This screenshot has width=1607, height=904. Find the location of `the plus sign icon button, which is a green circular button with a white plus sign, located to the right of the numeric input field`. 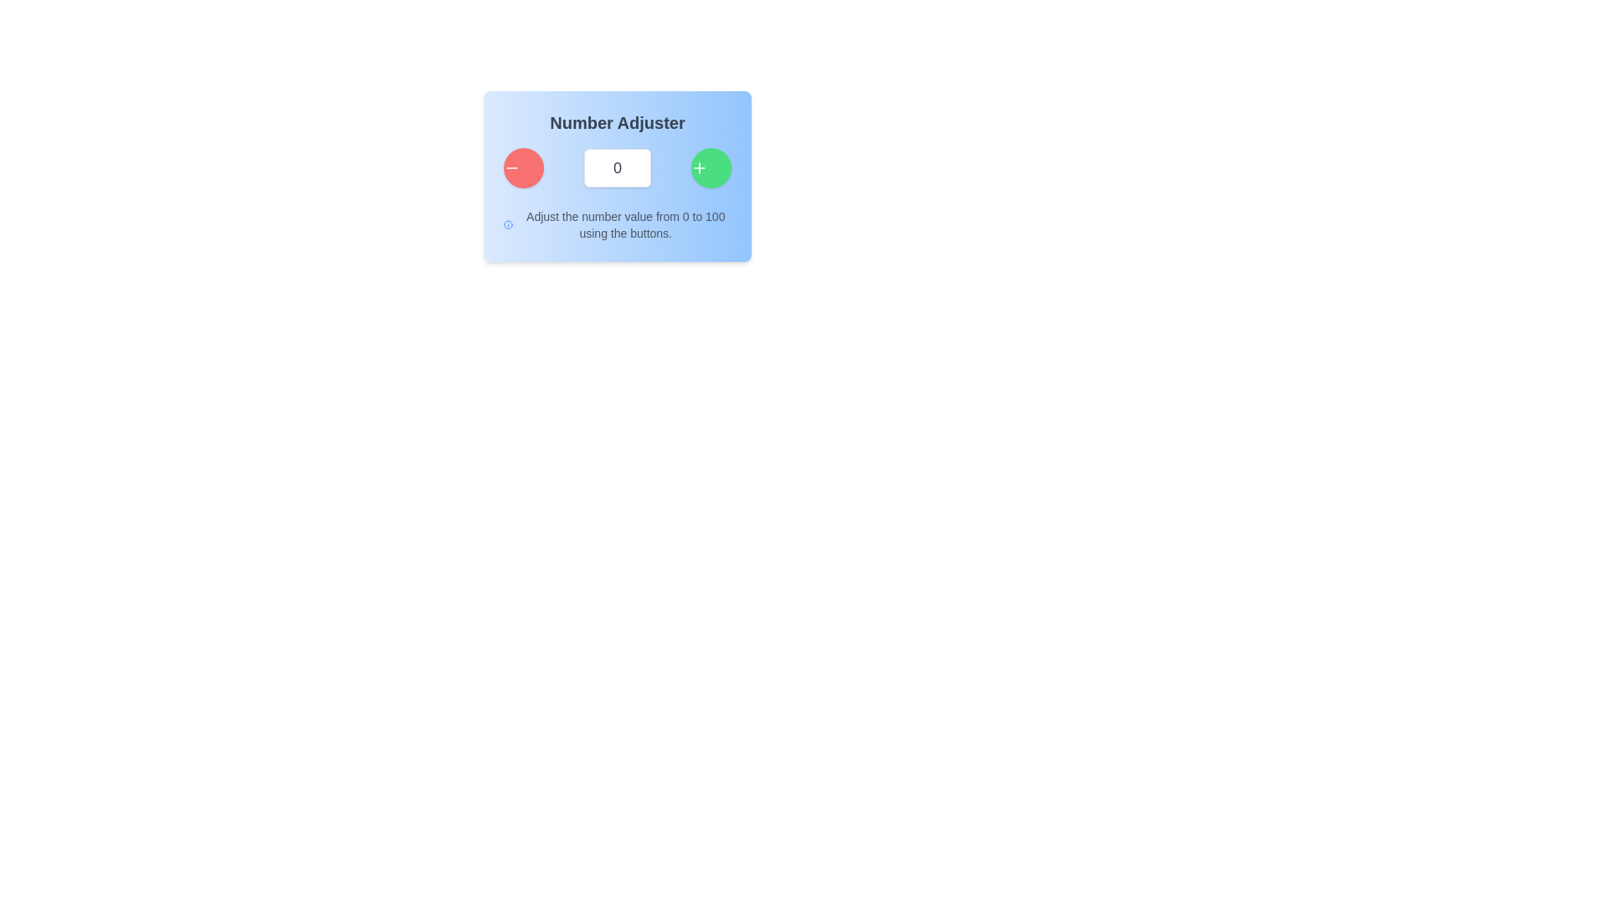

the plus sign icon button, which is a green circular button with a white plus sign, located to the right of the numeric input field is located at coordinates (699, 167).